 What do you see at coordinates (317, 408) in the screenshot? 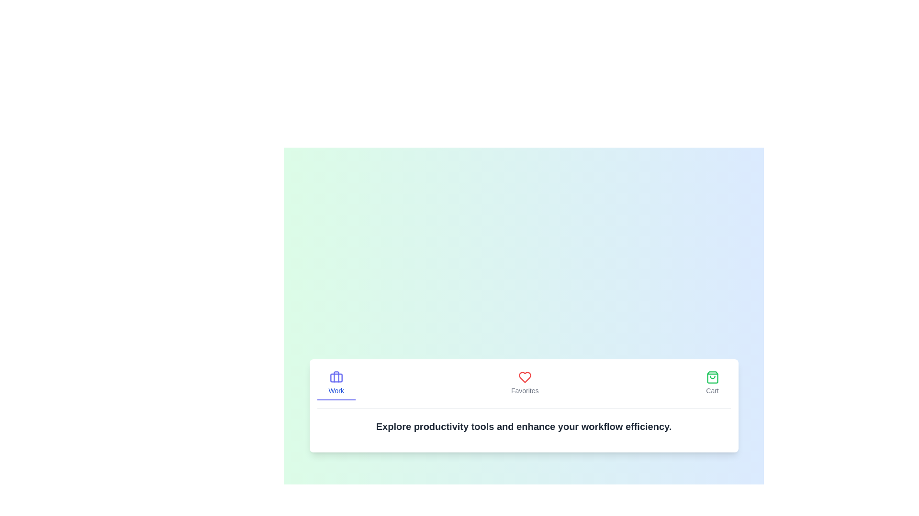
I see `the text content for copying` at bounding box center [317, 408].